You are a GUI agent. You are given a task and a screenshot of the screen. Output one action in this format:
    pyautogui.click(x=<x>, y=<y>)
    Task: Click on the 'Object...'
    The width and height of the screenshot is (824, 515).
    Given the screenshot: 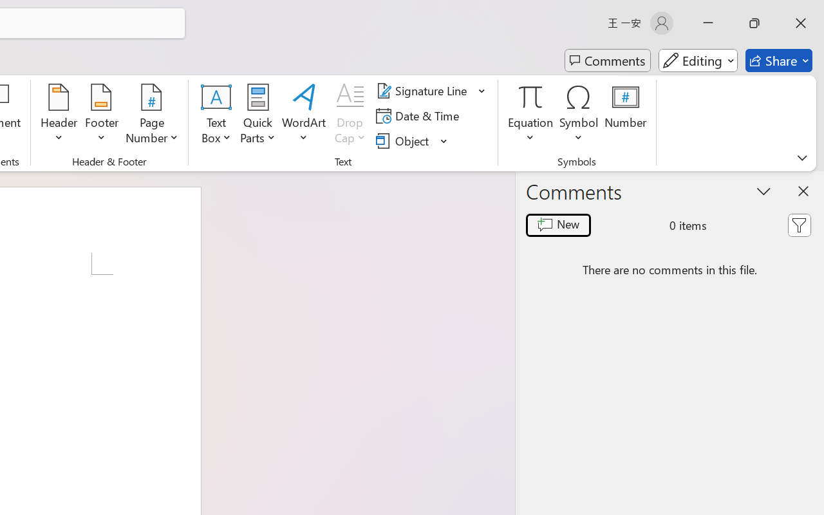 What is the action you would take?
    pyautogui.click(x=404, y=140)
    